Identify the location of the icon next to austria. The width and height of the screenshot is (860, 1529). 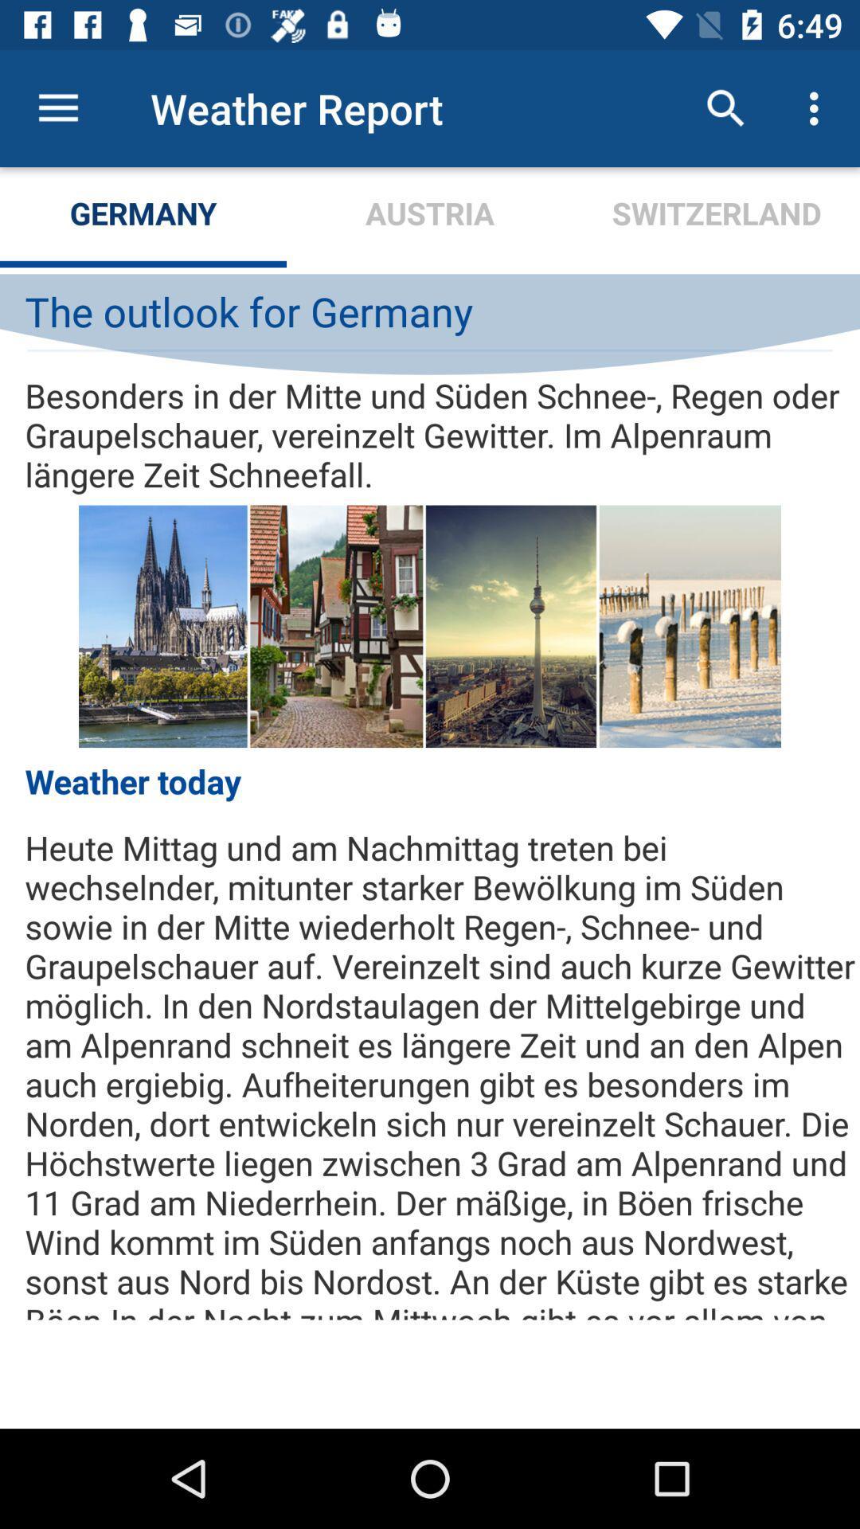
(725, 108).